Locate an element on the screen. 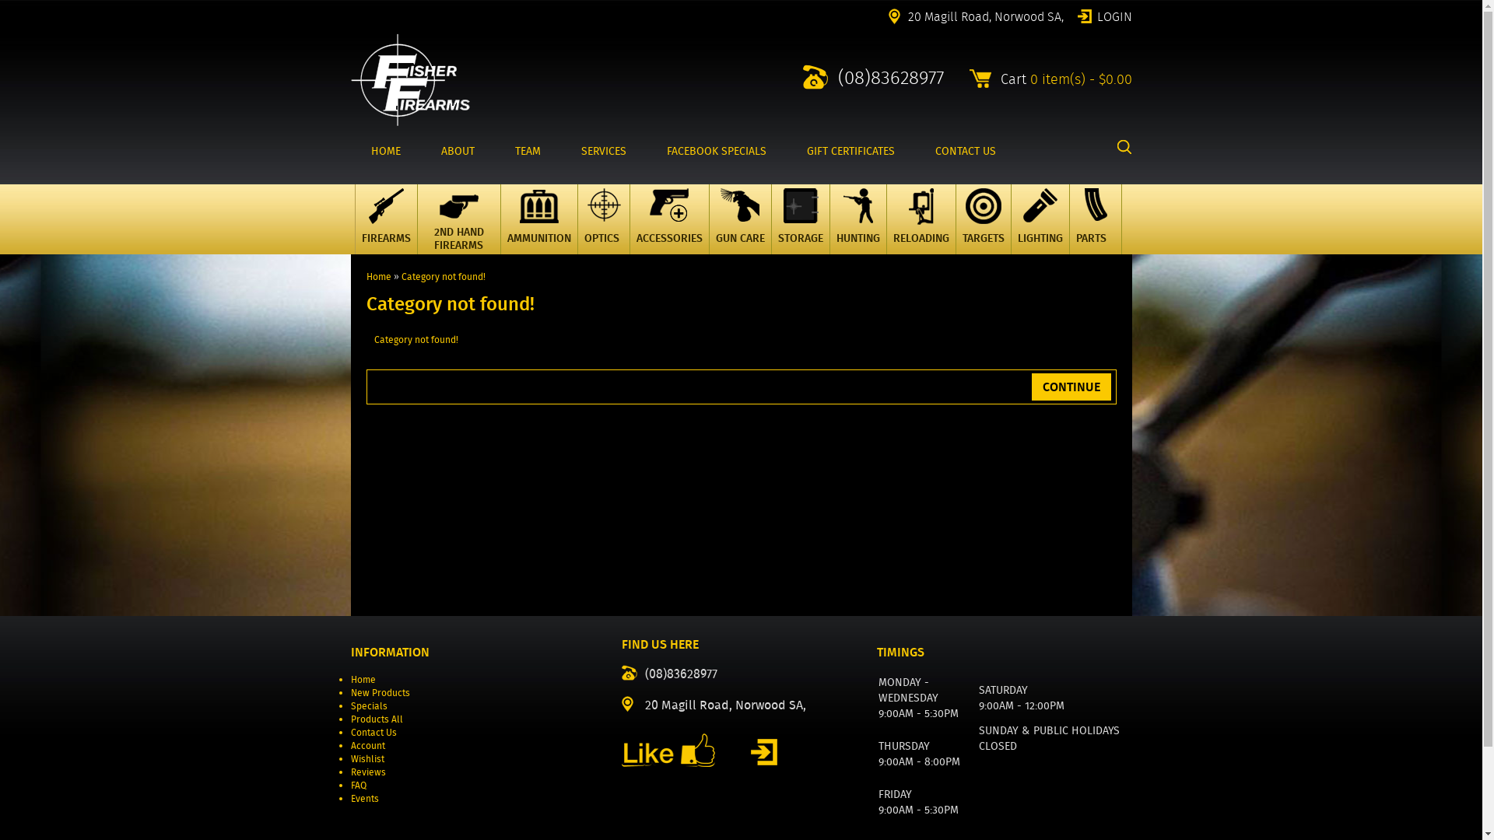  'Accessories' is located at coordinates (668, 229).